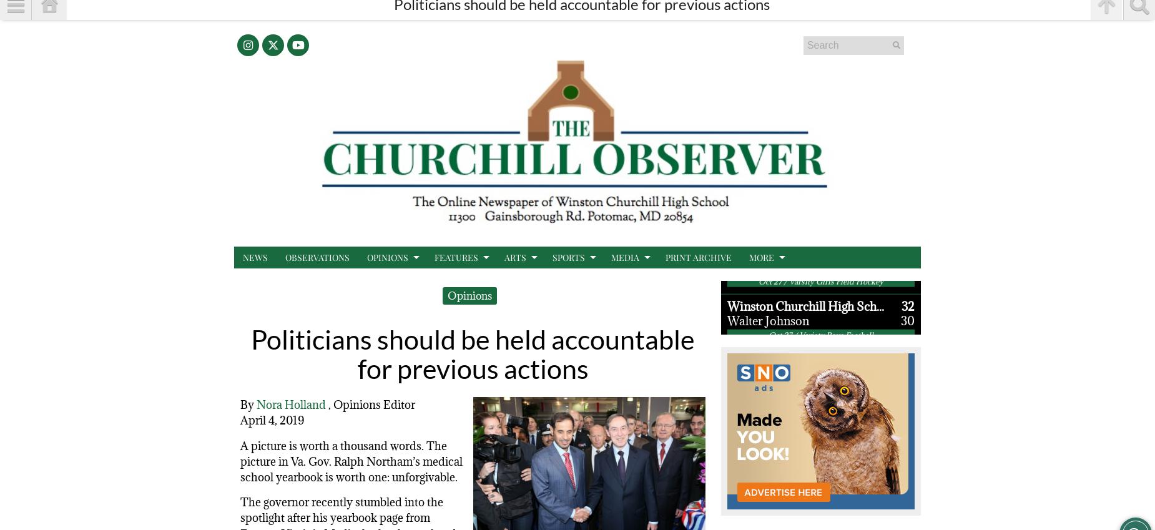  Describe the element at coordinates (820, 482) in the screenshot. I see `'Oct 26 / Varsity Girls Soccer'` at that location.